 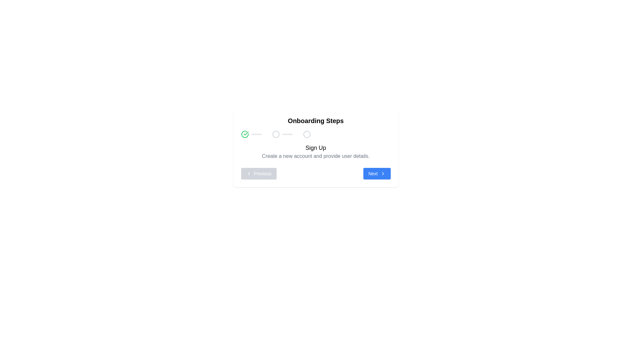 I want to click on the descriptive static text block that provides instructions for creating a new account, located immediately below the 'Sign Up' heading, so click(x=316, y=156).